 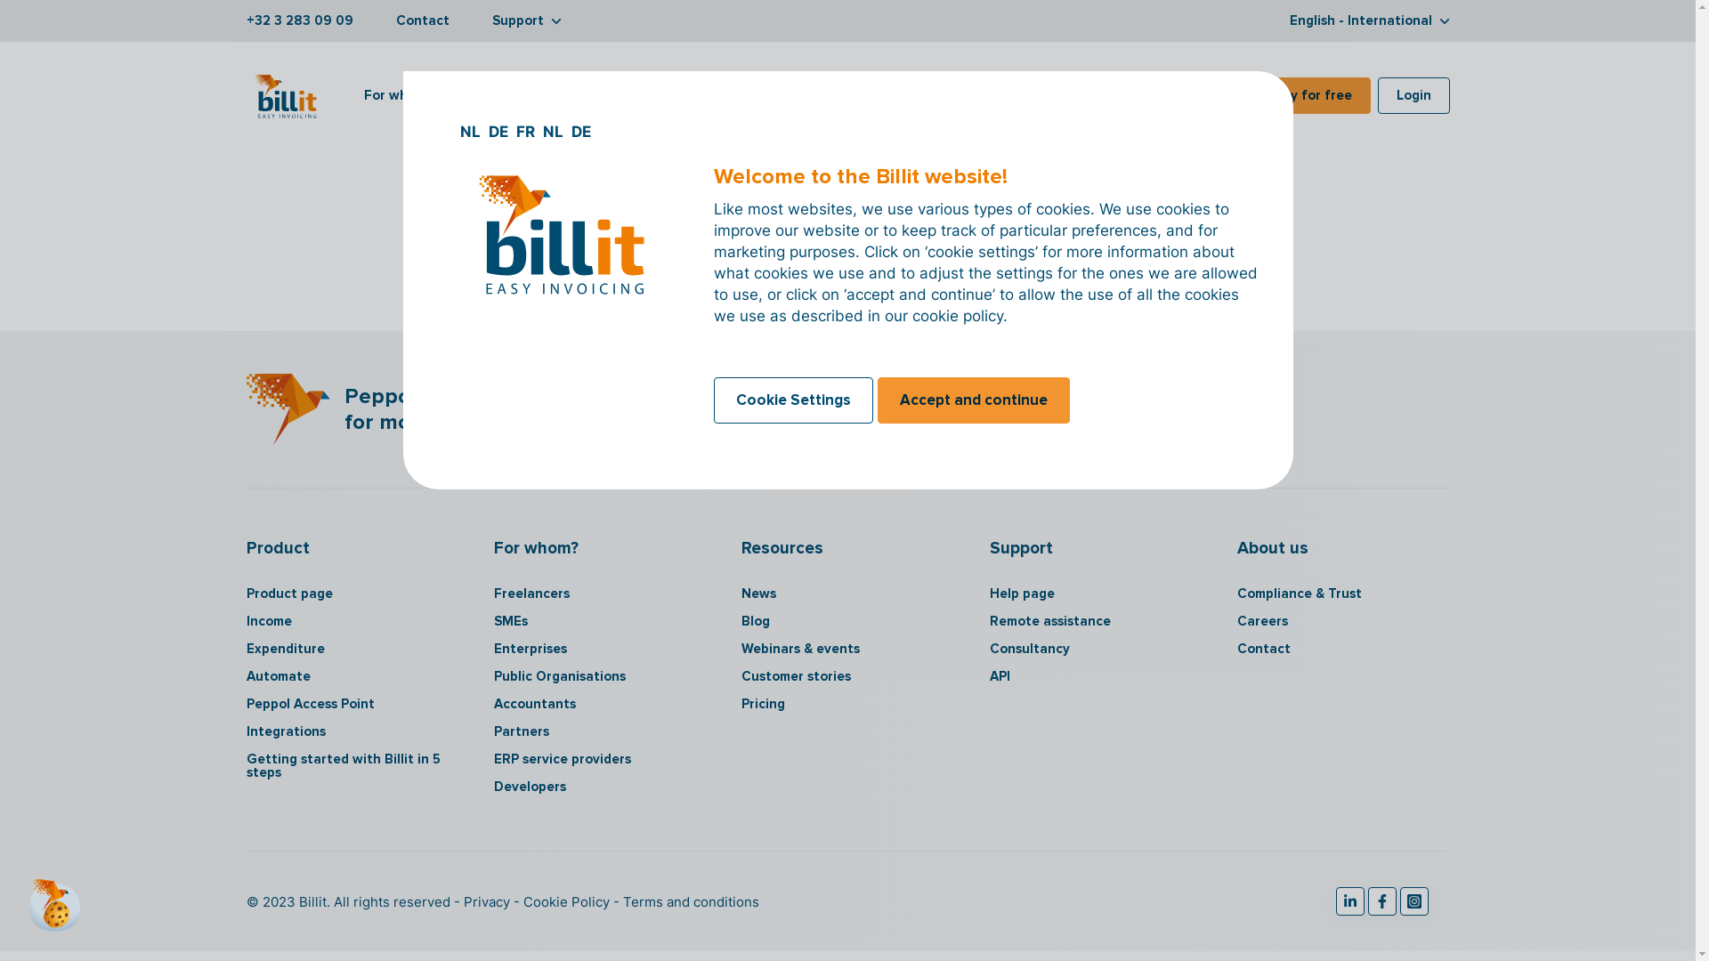 What do you see at coordinates (351, 649) in the screenshot?
I see `'Expenditure'` at bounding box center [351, 649].